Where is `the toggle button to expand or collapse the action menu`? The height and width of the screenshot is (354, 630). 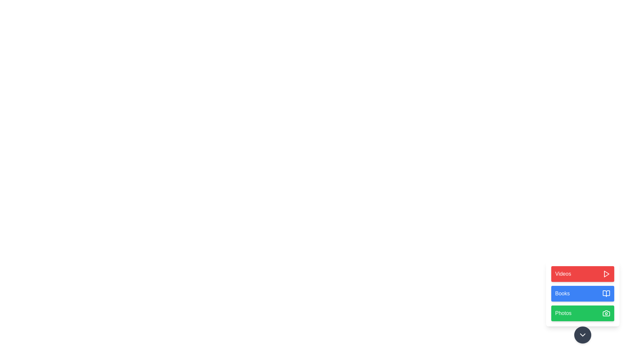
the toggle button to expand or collapse the action menu is located at coordinates (583, 335).